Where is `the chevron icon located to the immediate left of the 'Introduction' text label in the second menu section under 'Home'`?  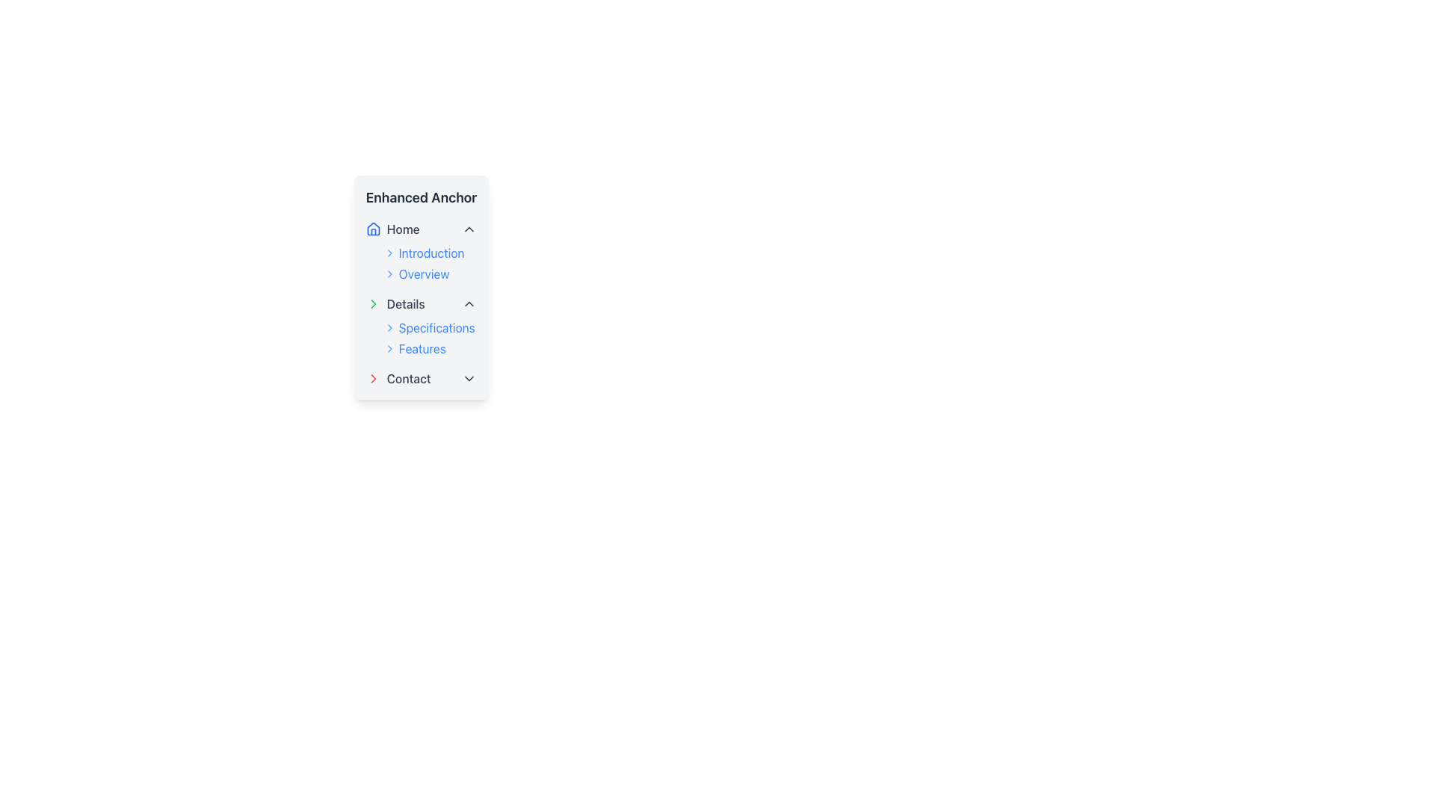 the chevron icon located to the immediate left of the 'Introduction' text label in the second menu section under 'Home' is located at coordinates (389, 253).